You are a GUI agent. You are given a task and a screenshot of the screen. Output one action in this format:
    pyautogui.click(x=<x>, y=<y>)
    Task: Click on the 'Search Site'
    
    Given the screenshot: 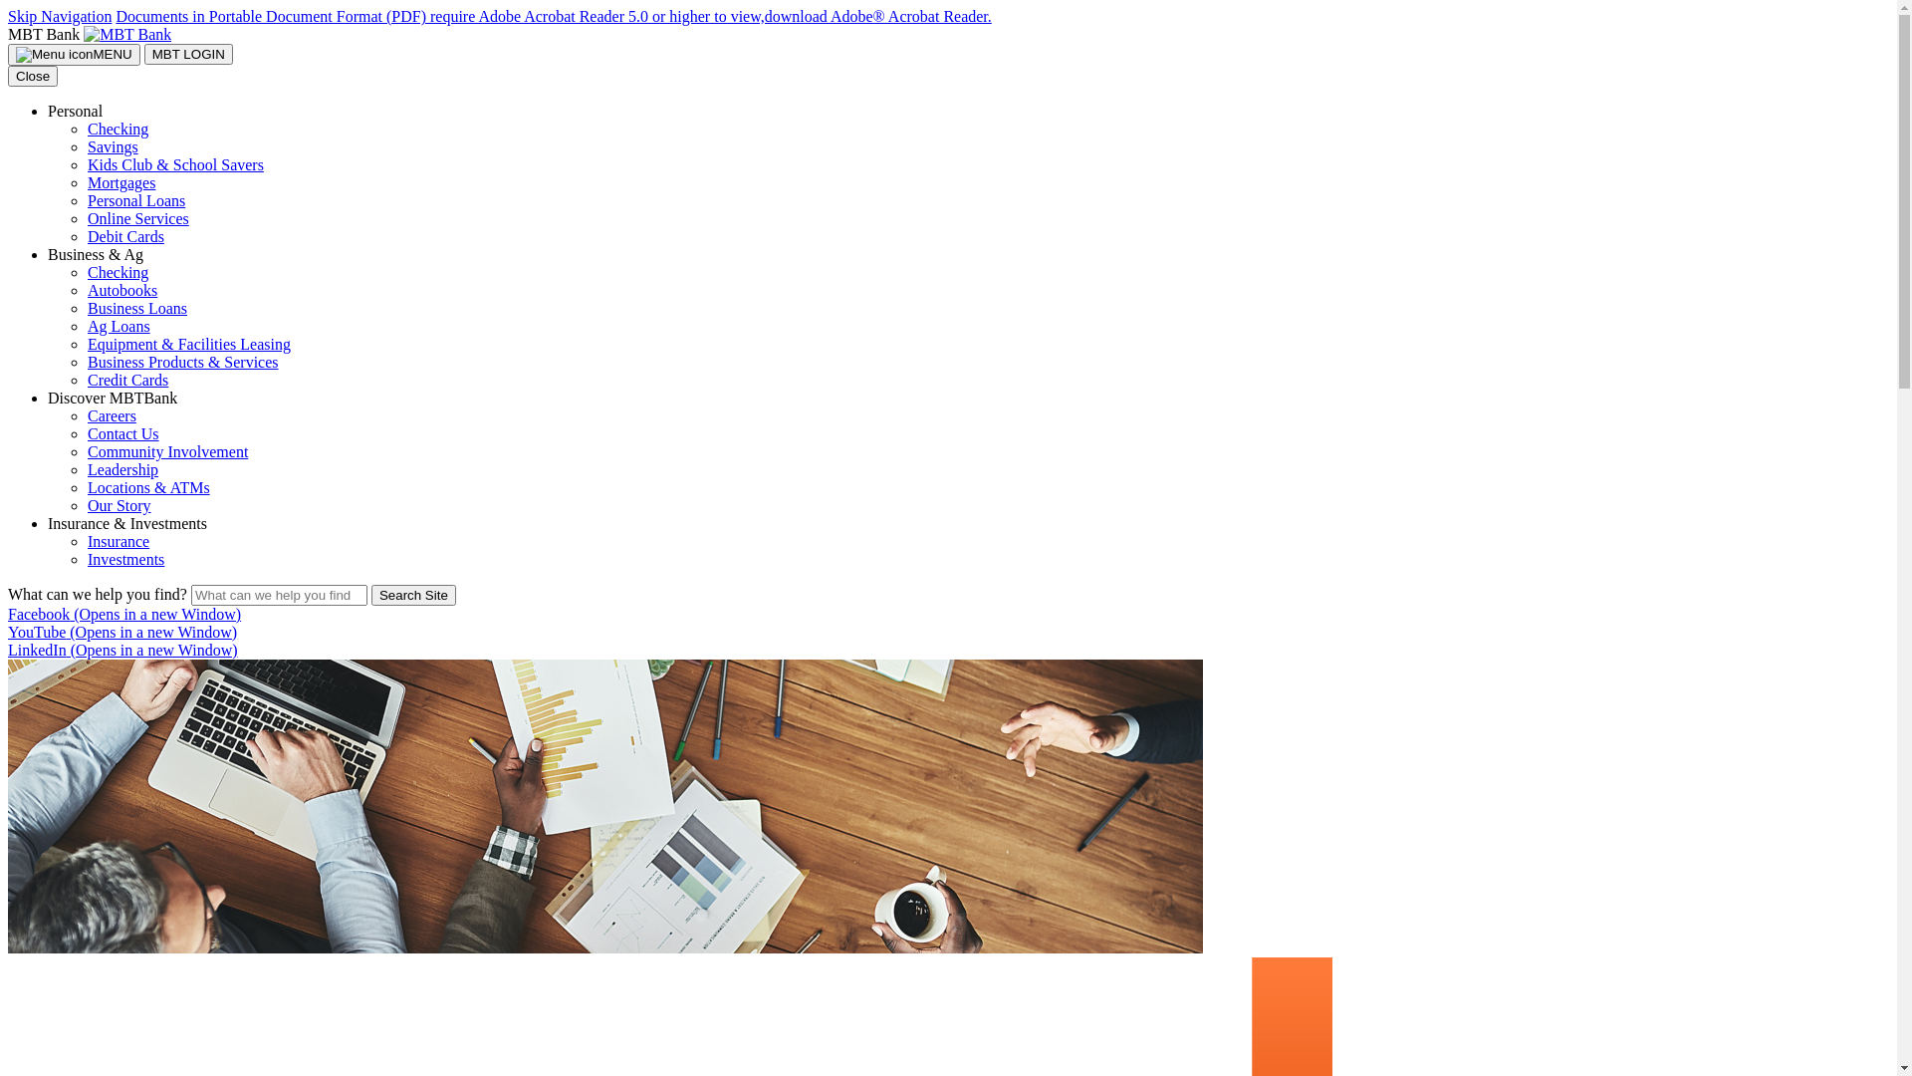 What is the action you would take?
    pyautogui.click(x=371, y=594)
    